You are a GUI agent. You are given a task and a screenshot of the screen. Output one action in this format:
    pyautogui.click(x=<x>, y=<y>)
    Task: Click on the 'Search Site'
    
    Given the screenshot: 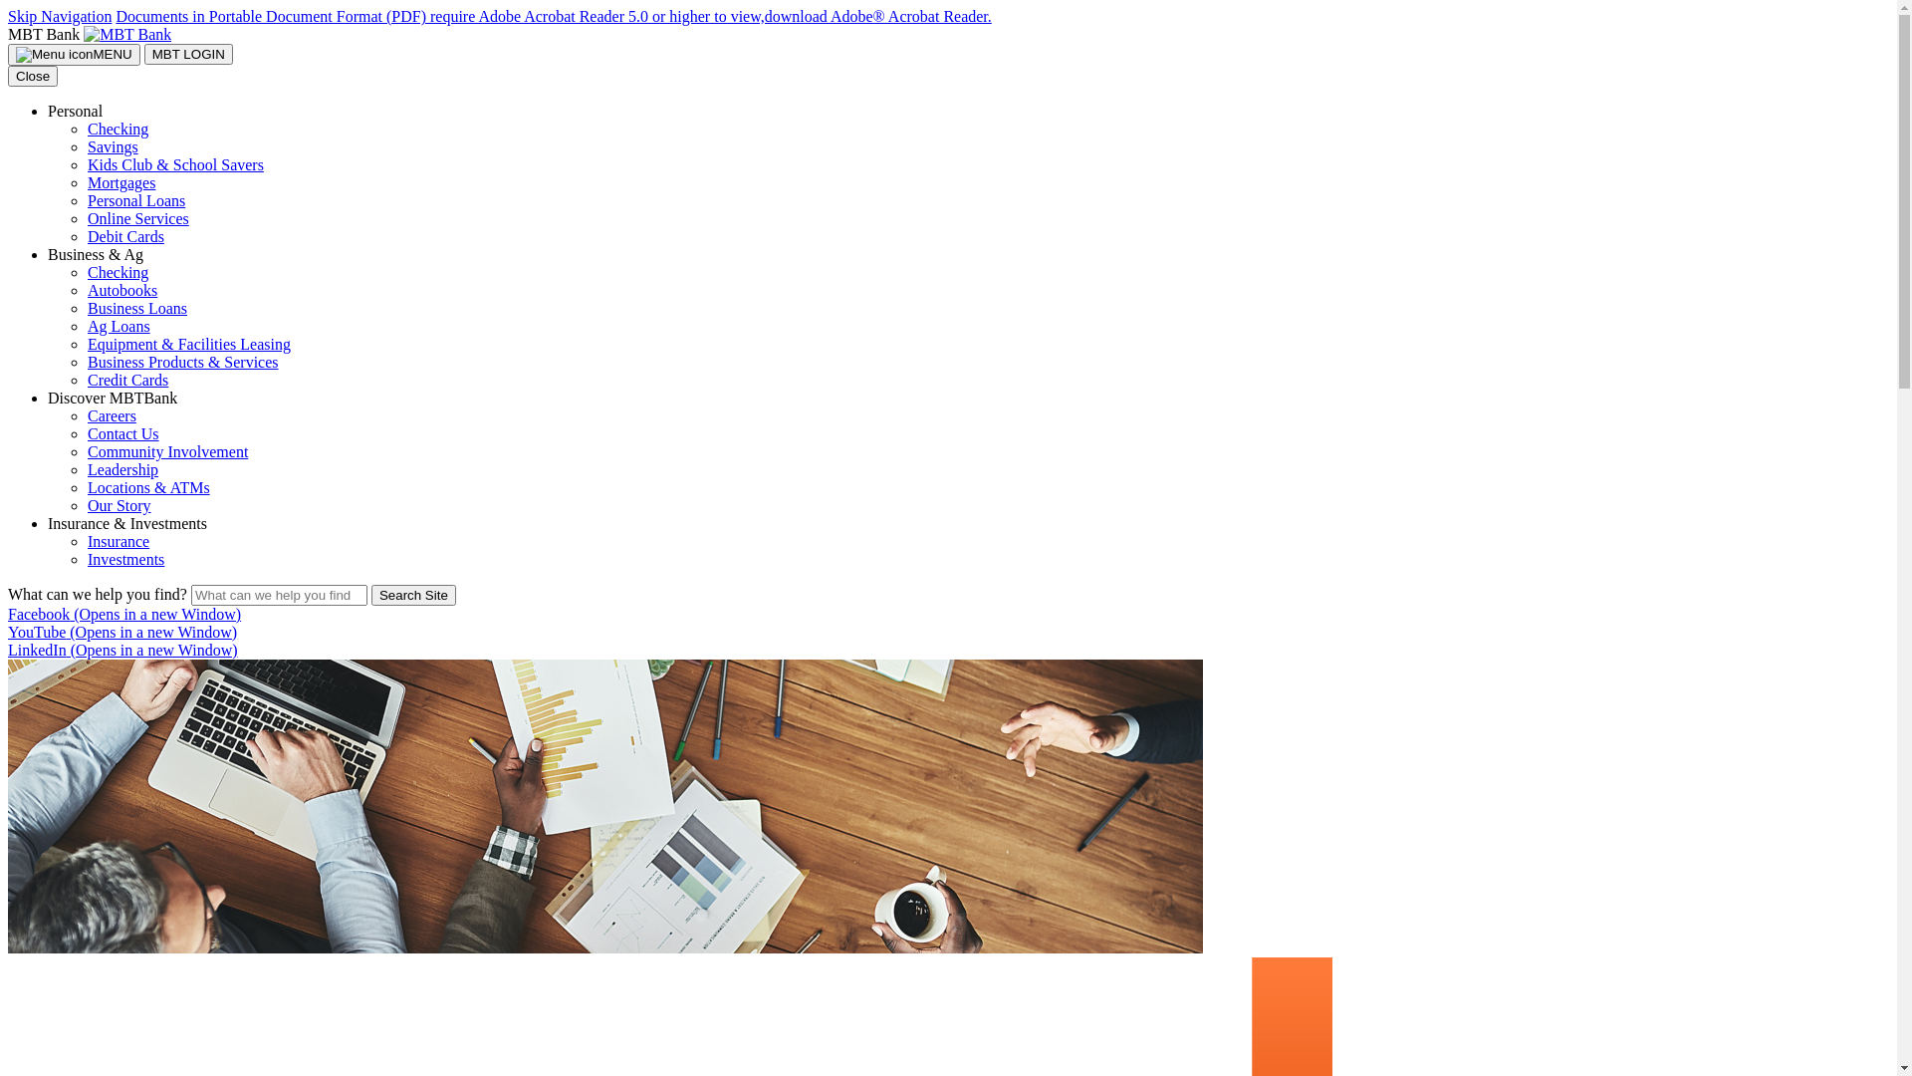 What is the action you would take?
    pyautogui.click(x=371, y=594)
    